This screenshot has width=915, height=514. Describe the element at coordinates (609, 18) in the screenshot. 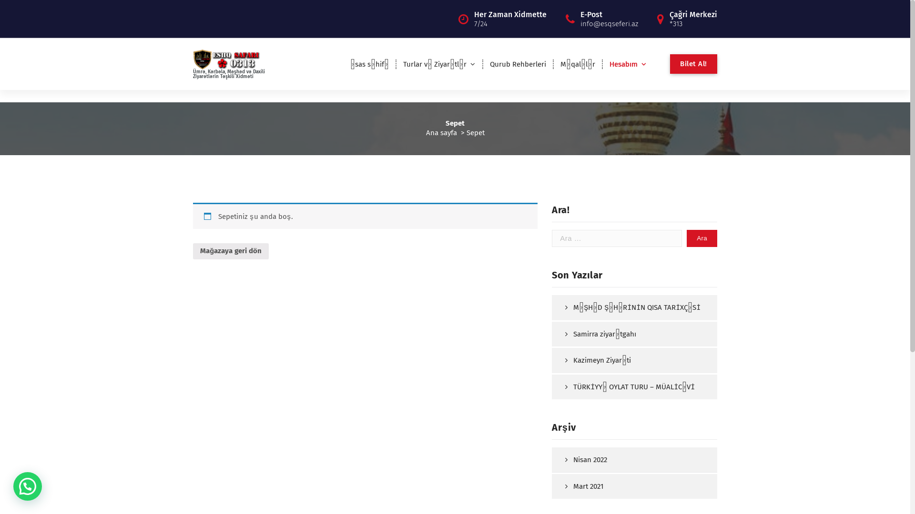

I see `'E-Post` at that location.